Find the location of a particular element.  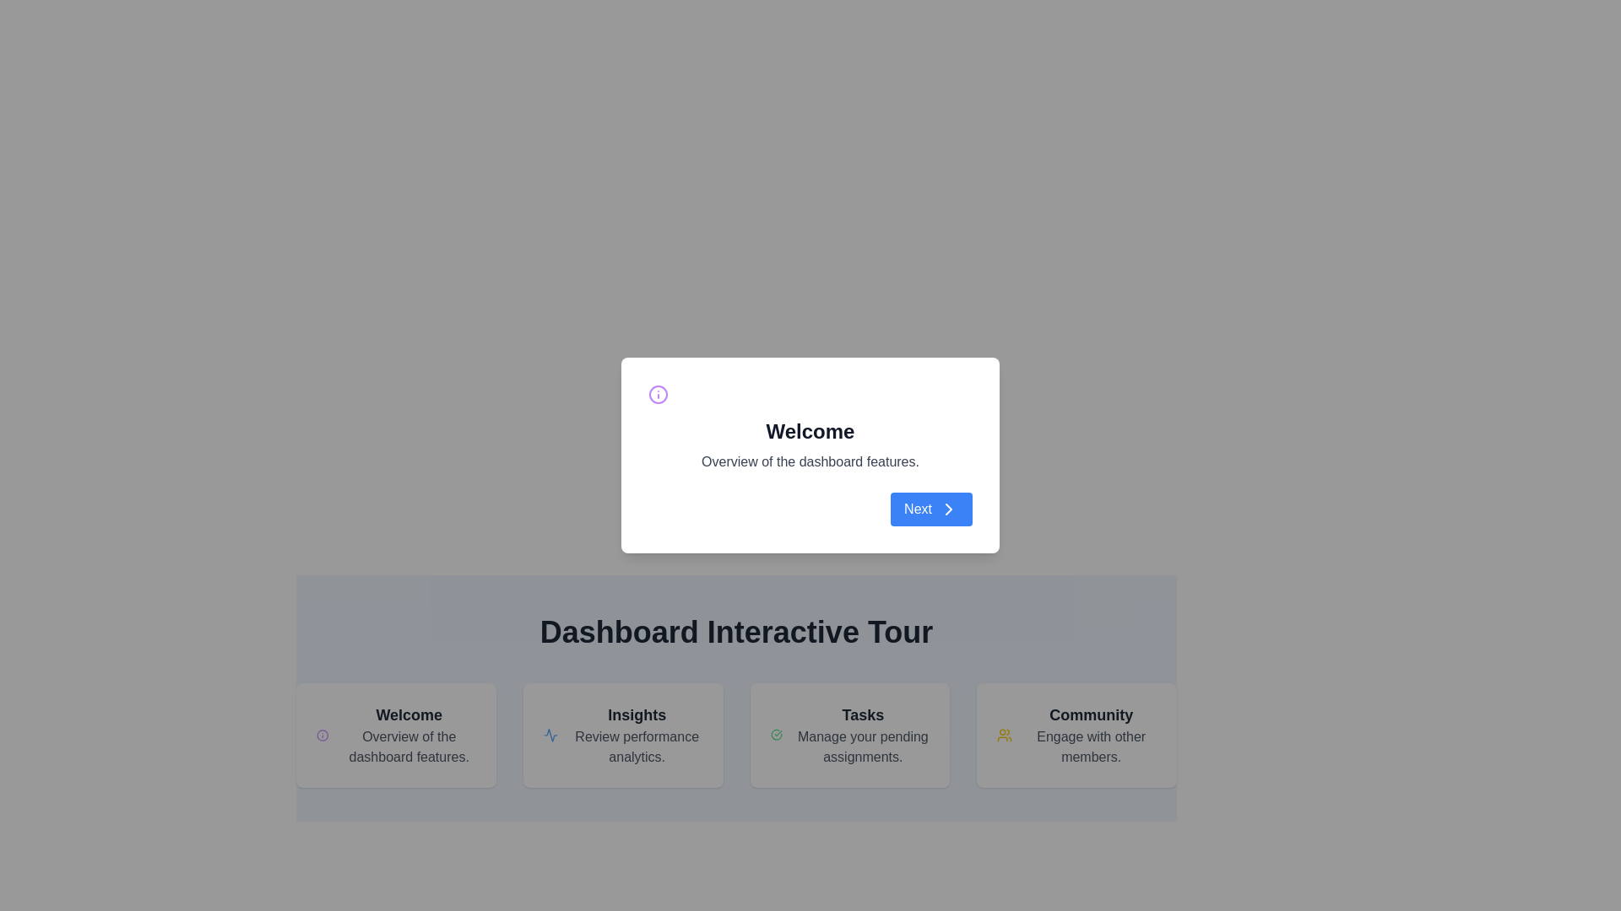

the Text label in the 'Welcome' section that provides a brief description of the card's purpose, located centrally in the bottom part of the card, immediately below the 'Welcome' label is located at coordinates (409, 747).